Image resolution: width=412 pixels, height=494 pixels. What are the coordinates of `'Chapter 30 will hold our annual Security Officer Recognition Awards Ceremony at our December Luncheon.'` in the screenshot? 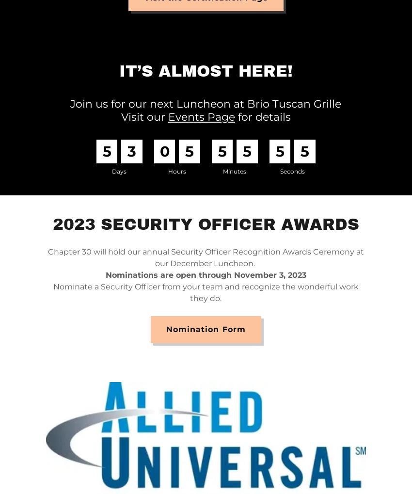 It's located at (205, 257).